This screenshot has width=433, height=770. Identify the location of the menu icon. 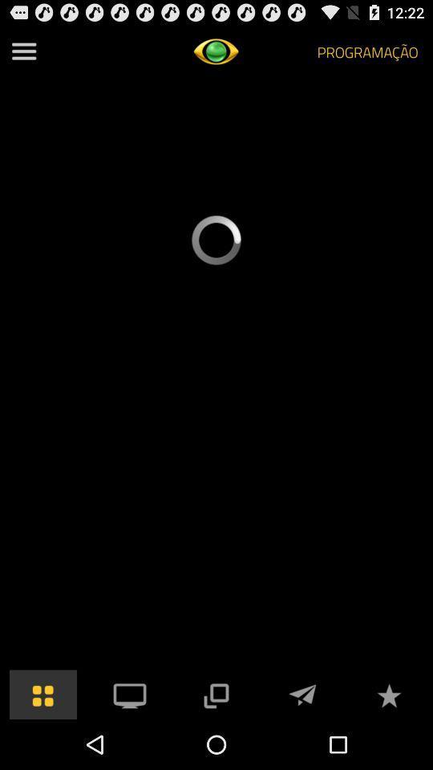
(23, 55).